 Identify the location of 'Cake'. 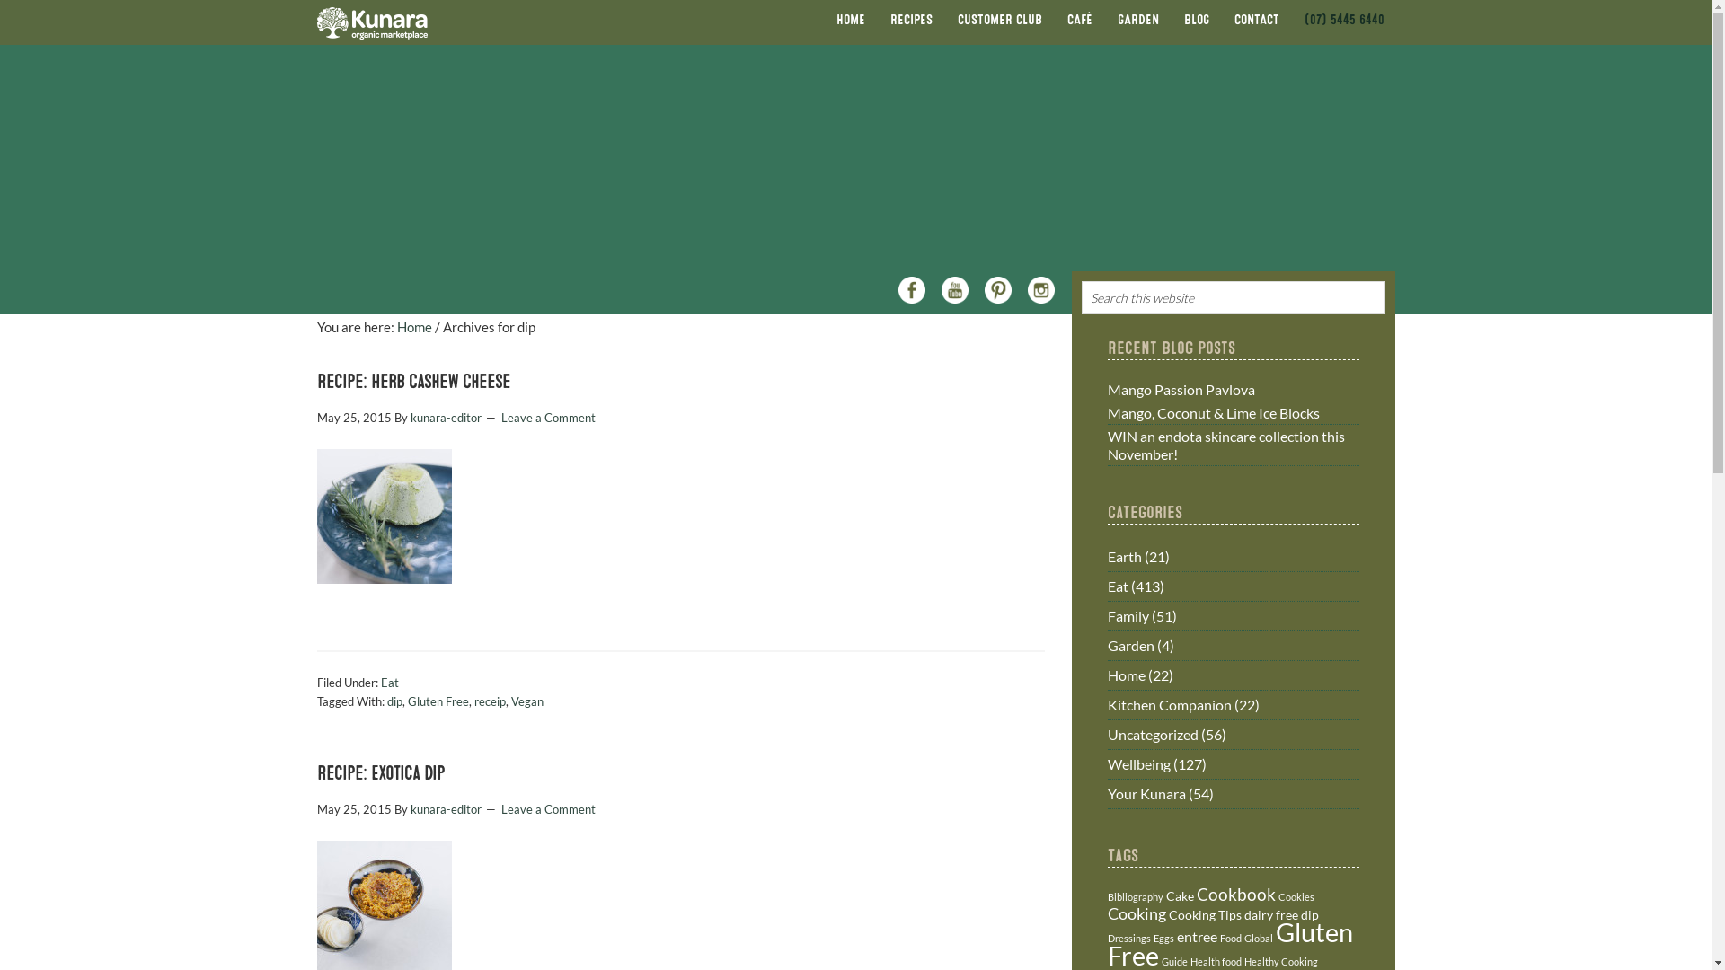
(1180, 895).